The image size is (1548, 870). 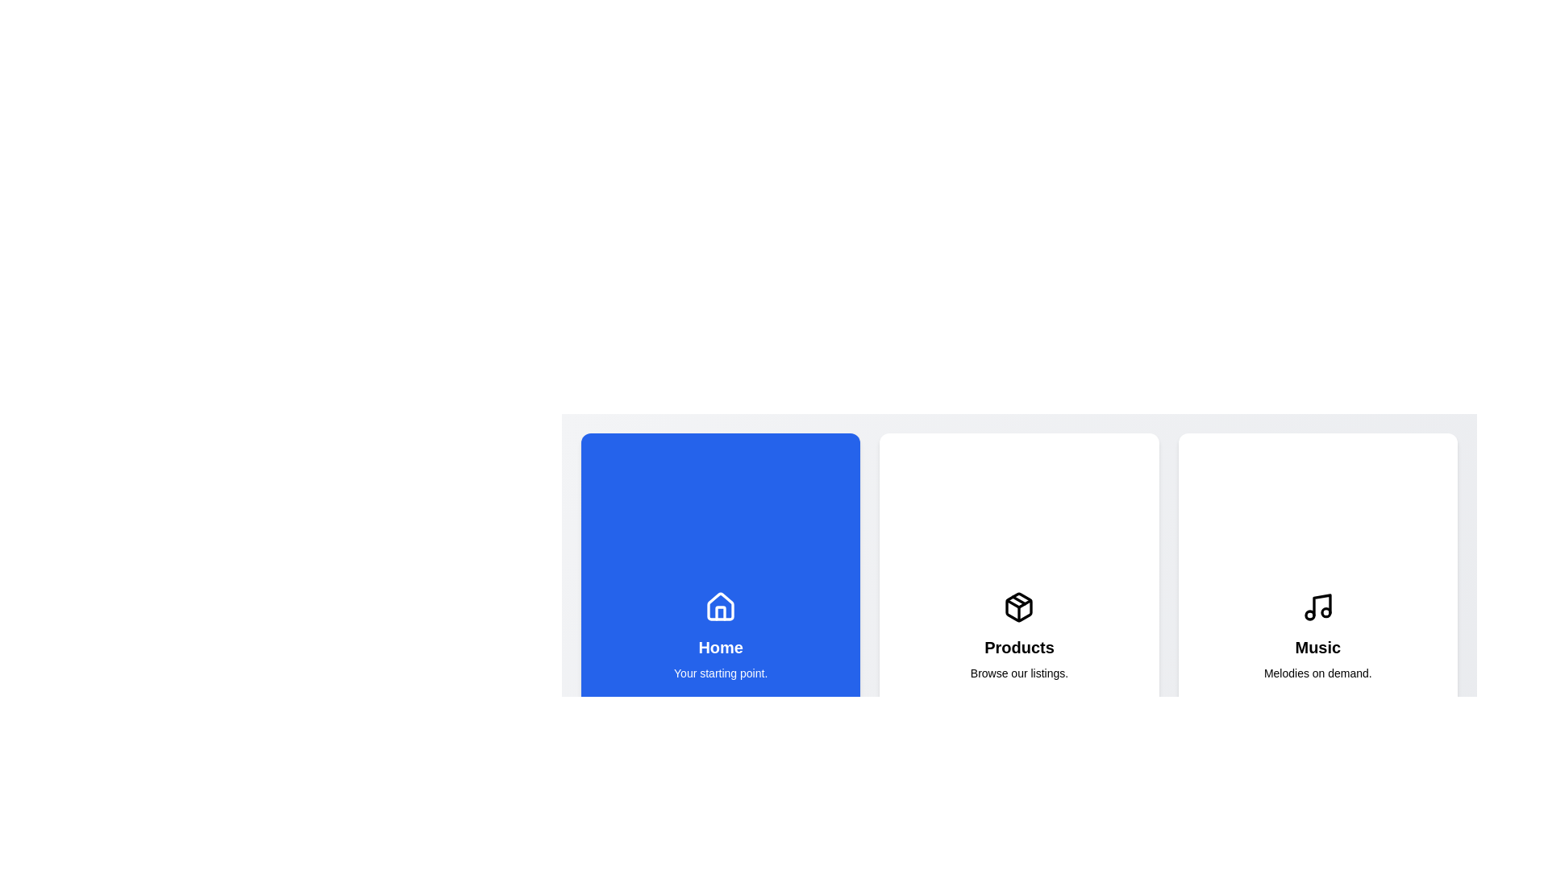 What do you see at coordinates (719, 636) in the screenshot?
I see `the button corresponding to the home section` at bounding box center [719, 636].